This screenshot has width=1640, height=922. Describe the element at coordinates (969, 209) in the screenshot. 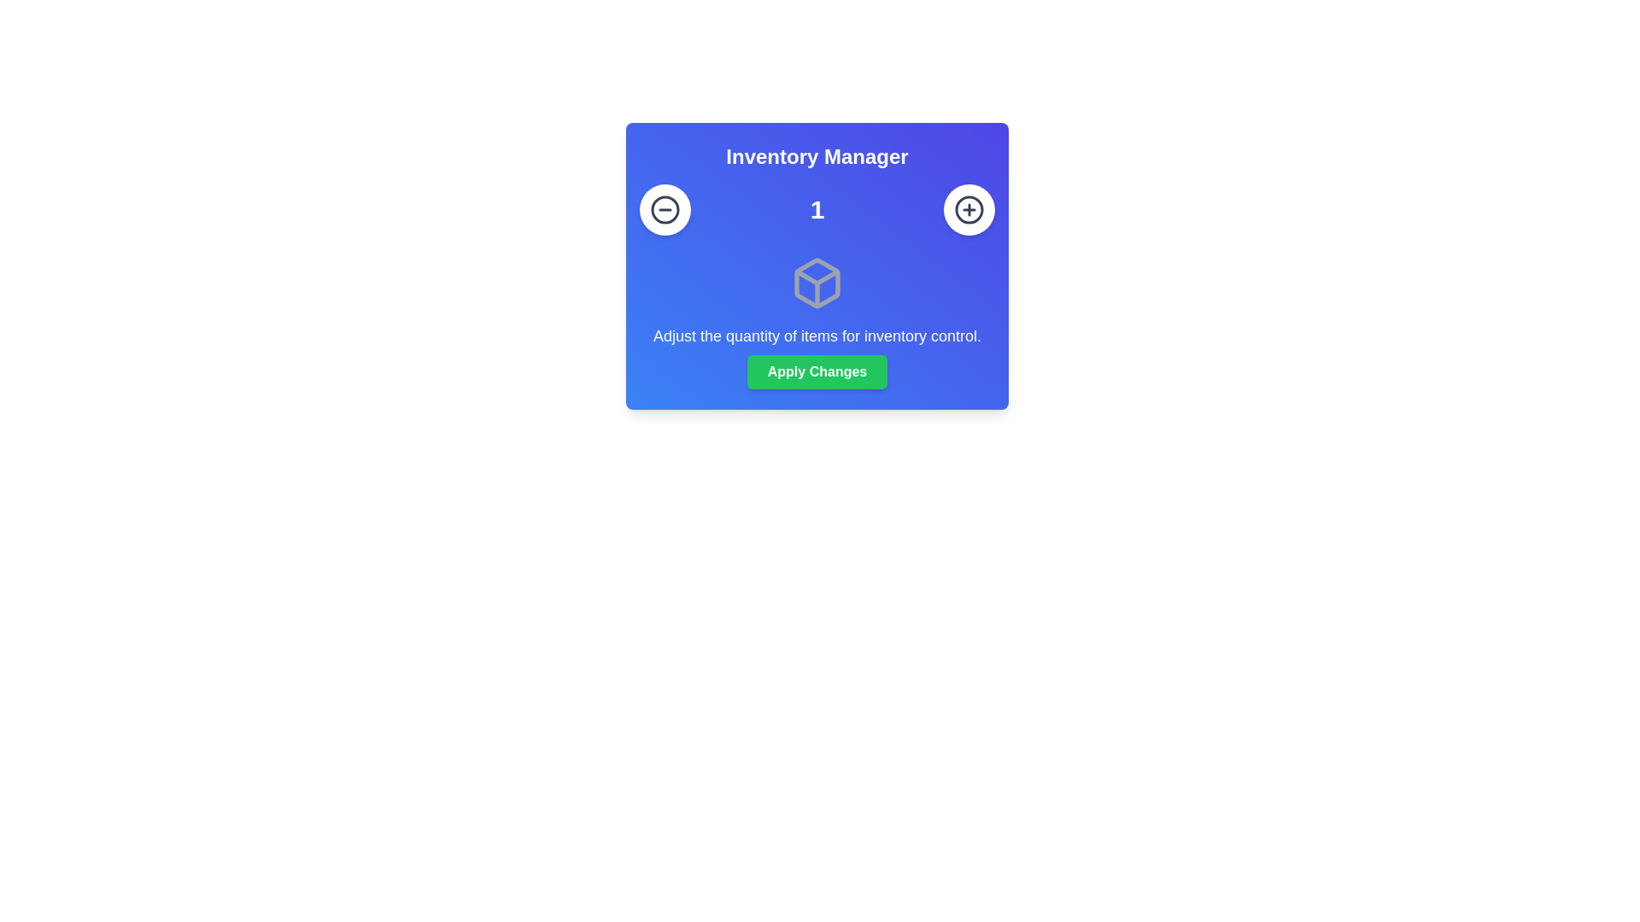

I see `the increment button, which is located on the right side of the horizontal layout and features a plus symbol, to increase the value` at that location.